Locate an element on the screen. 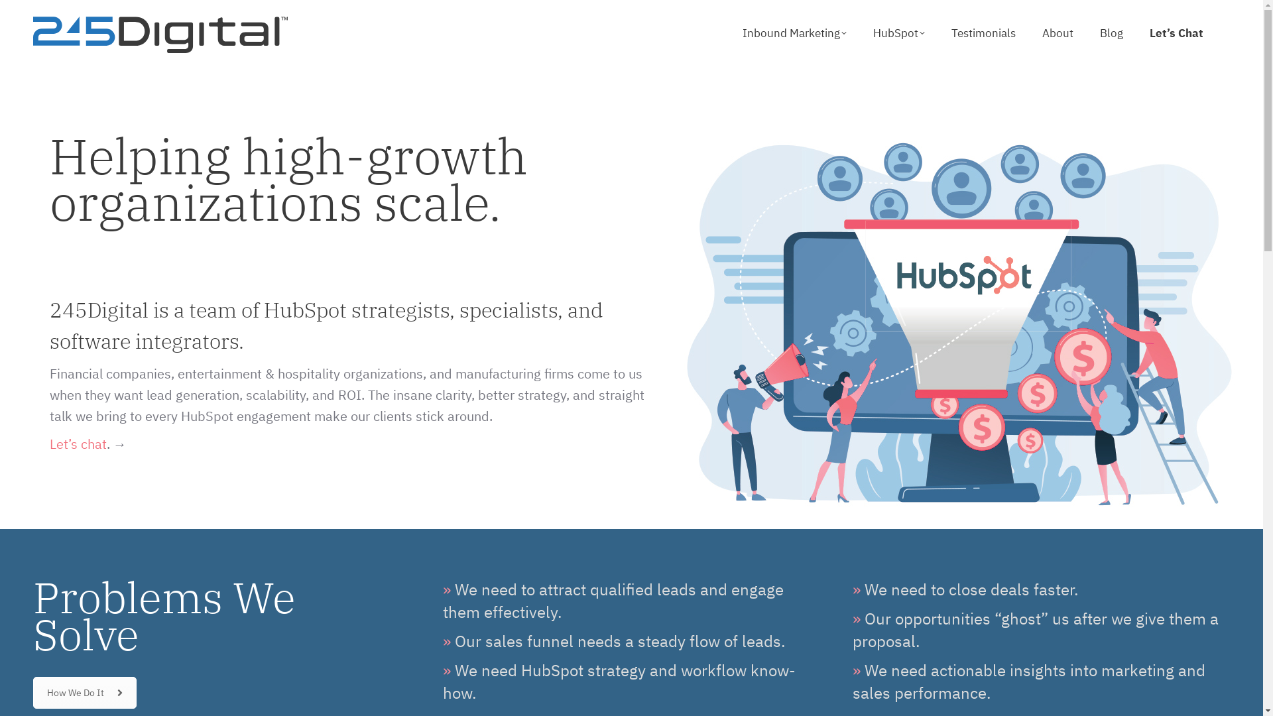 Image resolution: width=1273 pixels, height=716 pixels. 'About' is located at coordinates (1041, 32).